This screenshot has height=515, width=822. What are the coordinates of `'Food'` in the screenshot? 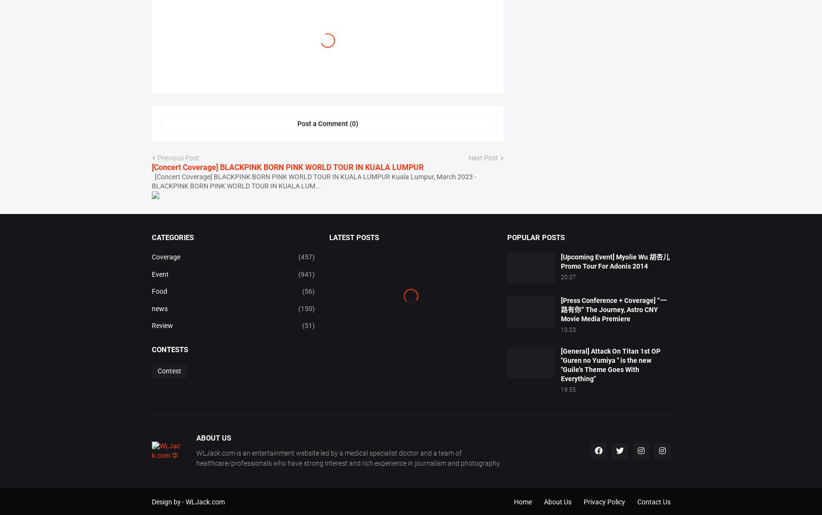 It's located at (158, 324).